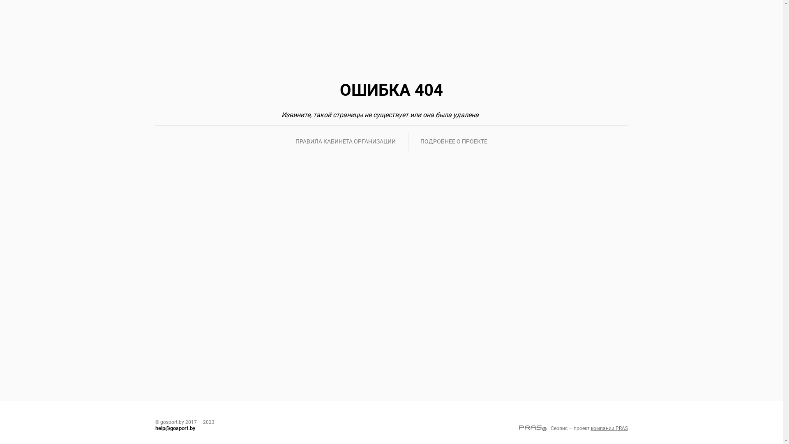 The height and width of the screenshot is (444, 789). Describe the element at coordinates (155, 428) in the screenshot. I see `'help@gosport.by'` at that location.